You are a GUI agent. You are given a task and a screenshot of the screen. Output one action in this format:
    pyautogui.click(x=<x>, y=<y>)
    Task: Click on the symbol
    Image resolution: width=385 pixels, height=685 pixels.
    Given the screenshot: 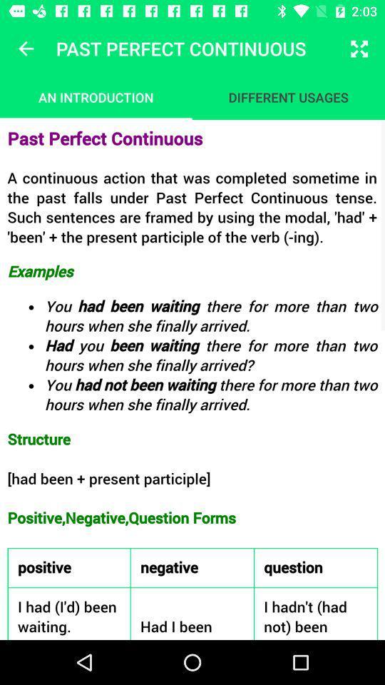 What is the action you would take?
    pyautogui.click(x=26, y=49)
    